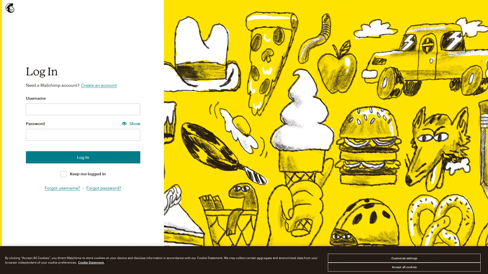 Image resolution: width=488 pixels, height=274 pixels. What do you see at coordinates (404, 267) in the screenshot?
I see `Accept all cookies` at bounding box center [404, 267].